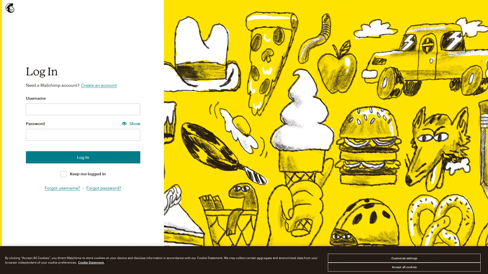 Image resolution: width=488 pixels, height=274 pixels. What do you see at coordinates (404, 267) in the screenshot?
I see `Accept all cookies` at bounding box center [404, 267].